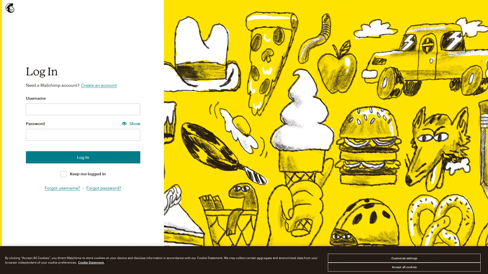 Image resolution: width=488 pixels, height=274 pixels. What do you see at coordinates (404, 267) in the screenshot?
I see `Accept all cookies` at bounding box center [404, 267].